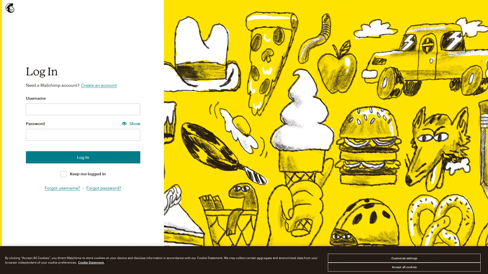 Image resolution: width=488 pixels, height=274 pixels. What do you see at coordinates (404, 267) in the screenshot?
I see `Accept all cookies` at bounding box center [404, 267].